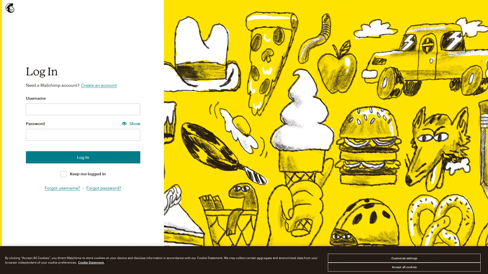 Image resolution: width=488 pixels, height=274 pixels. What do you see at coordinates (404, 267) in the screenshot?
I see `Accept all cookies` at bounding box center [404, 267].